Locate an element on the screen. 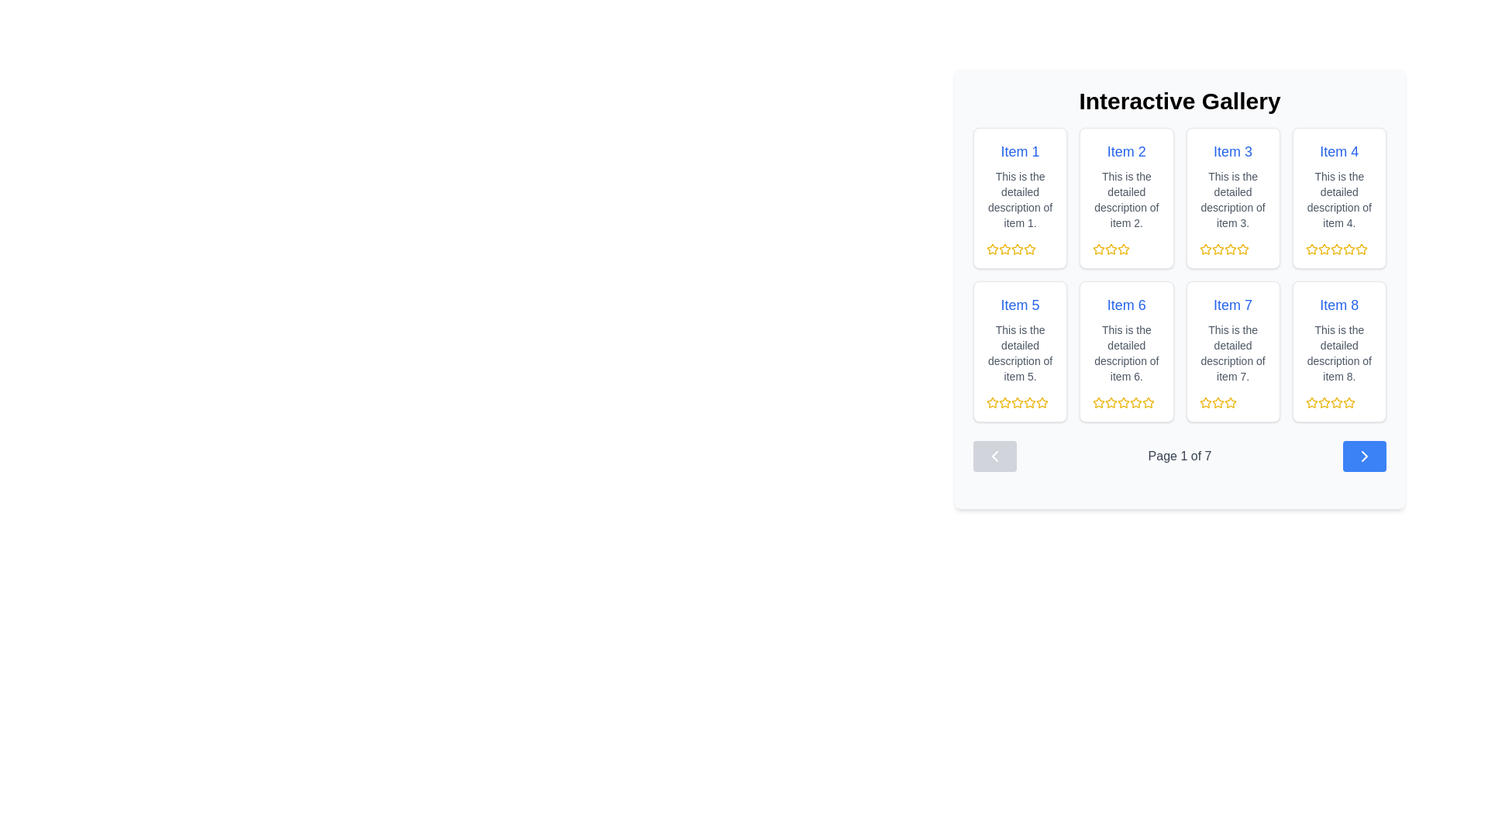  the second star icon is located at coordinates (1217, 248).